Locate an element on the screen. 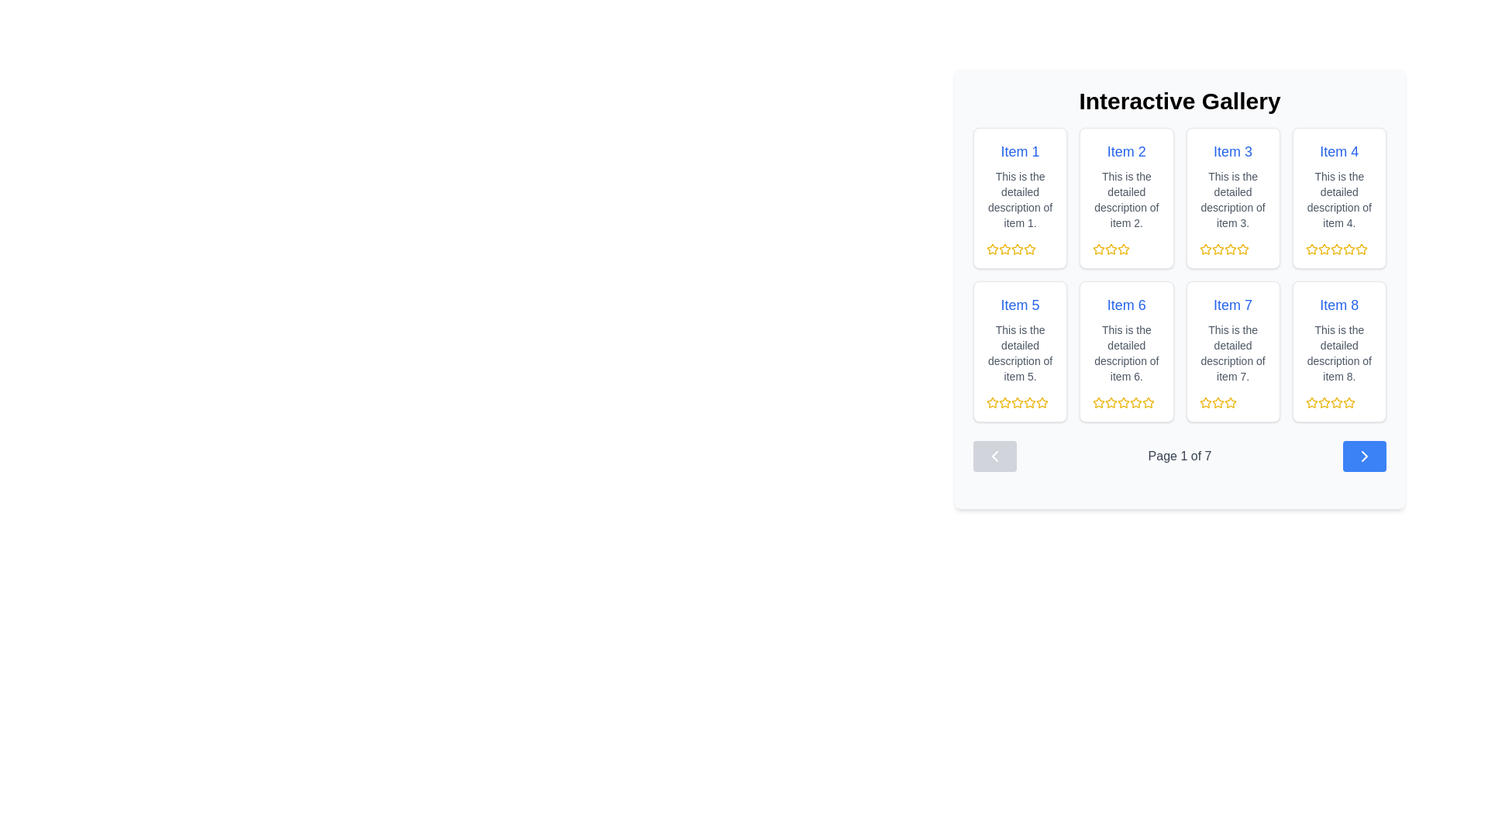  the second star icon is located at coordinates (1217, 248).